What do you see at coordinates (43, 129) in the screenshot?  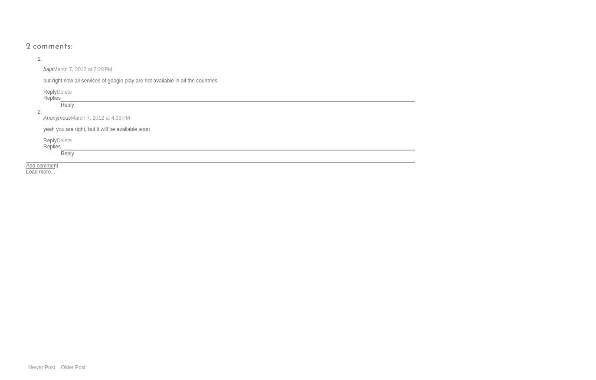 I see `'yeah you are right, but it will be available soon'` at bounding box center [43, 129].